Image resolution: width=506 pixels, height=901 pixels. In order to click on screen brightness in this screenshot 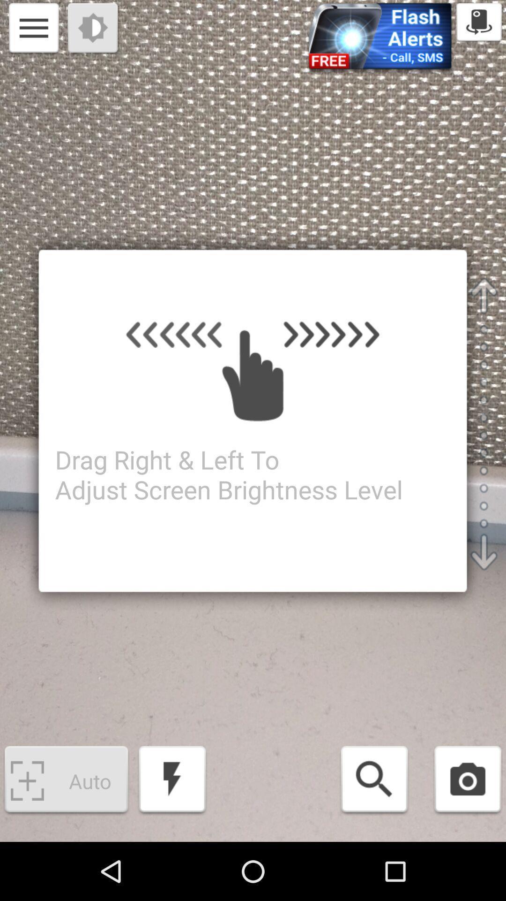, I will do `click(94, 29)`.